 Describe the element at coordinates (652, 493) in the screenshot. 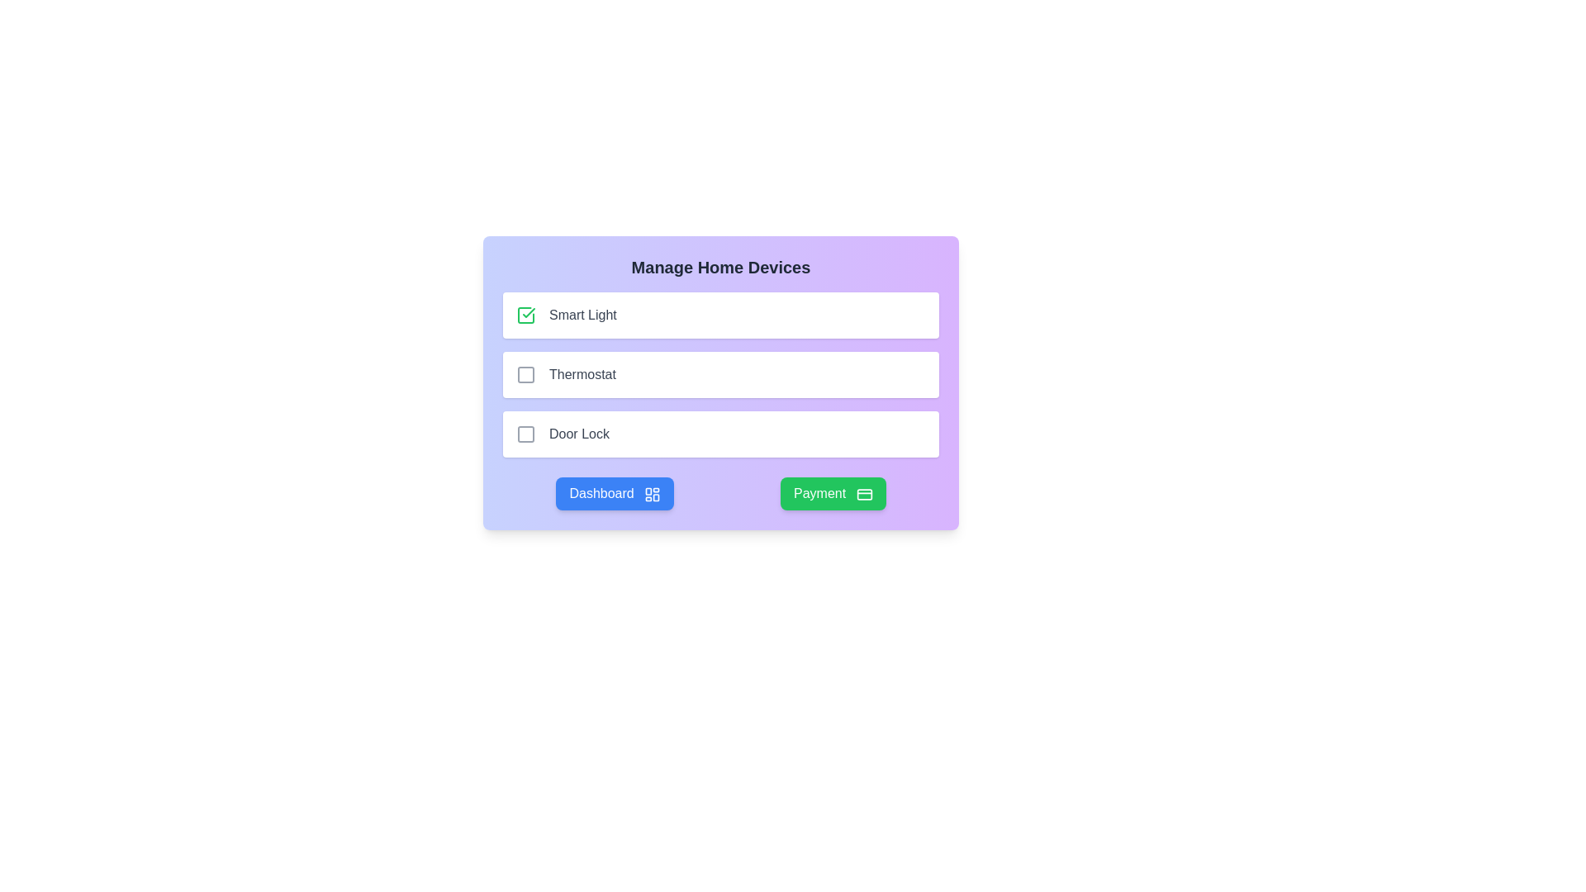

I see `the Decorative Icon which is a compact grid-like icon with a blue background, located to the right of the 'Dashboard' text within the button labeled 'Dashboard'` at that location.